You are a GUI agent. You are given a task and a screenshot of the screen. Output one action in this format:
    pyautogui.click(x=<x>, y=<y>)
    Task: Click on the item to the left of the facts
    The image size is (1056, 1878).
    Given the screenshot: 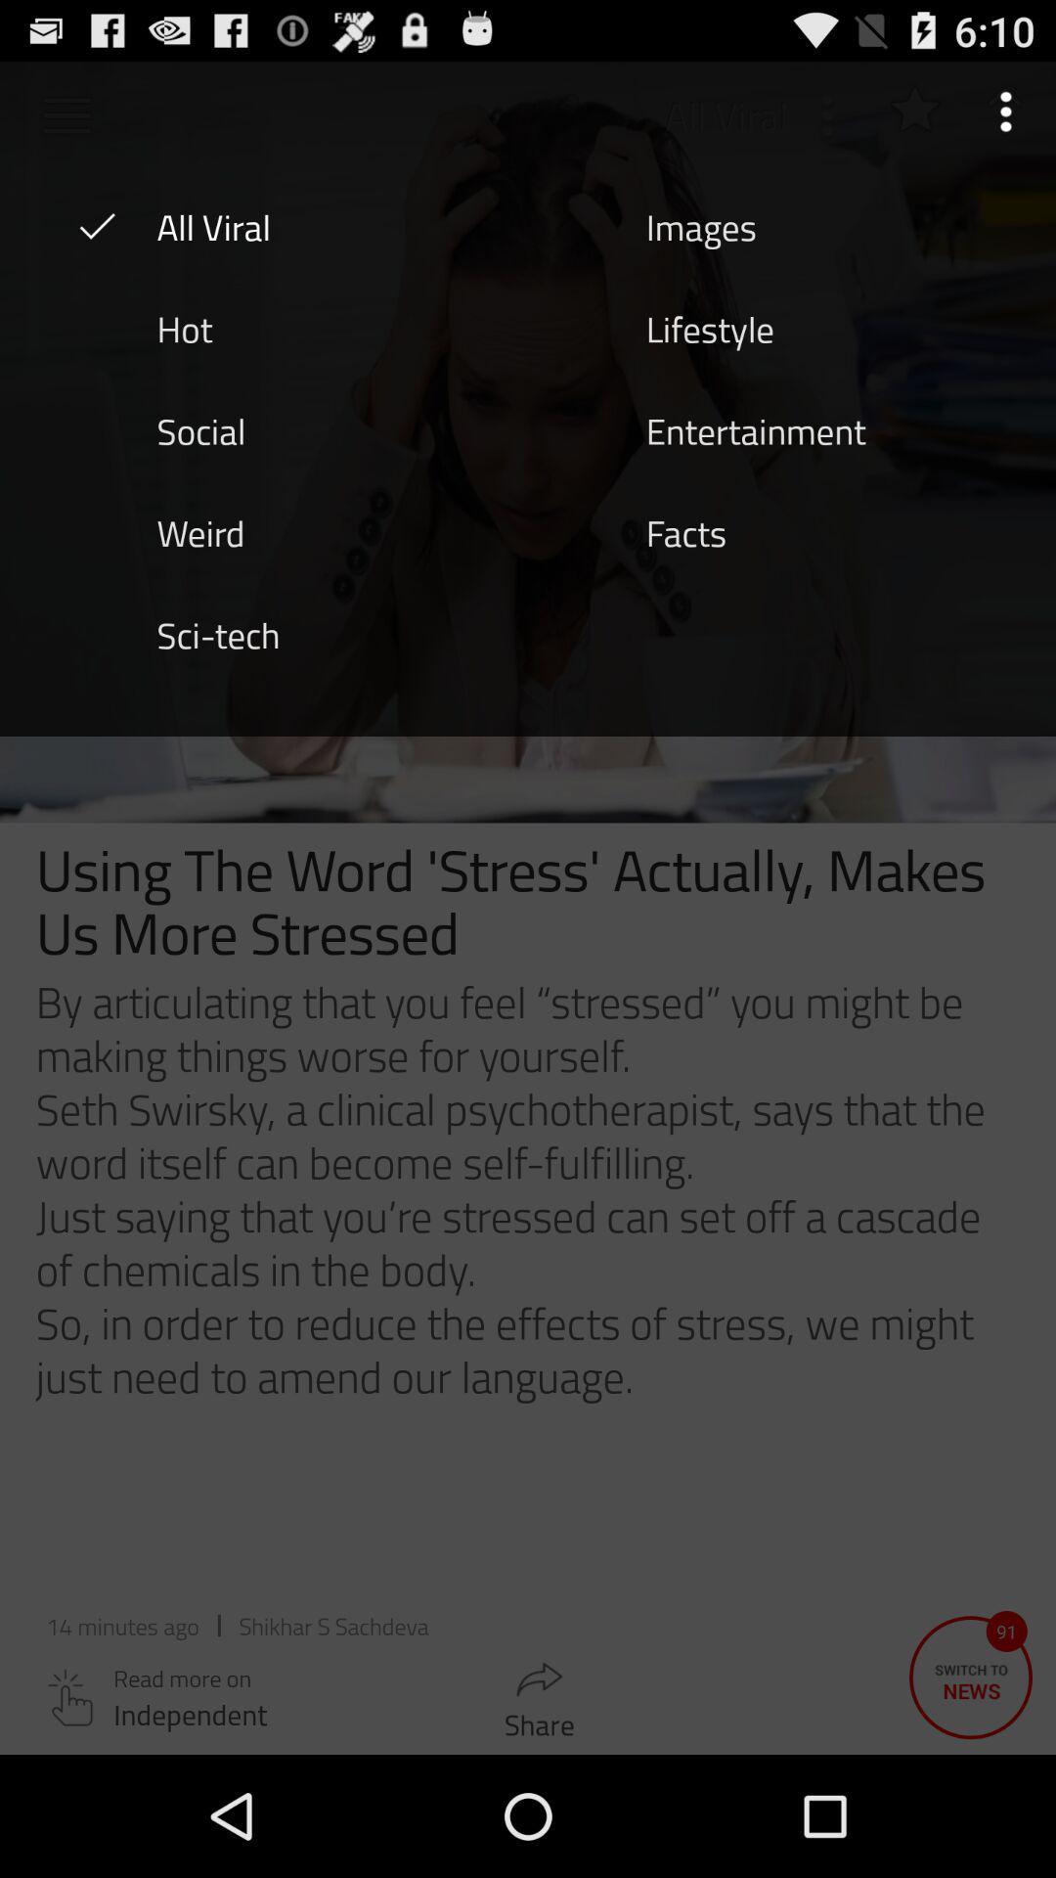 What is the action you would take?
    pyautogui.click(x=200, y=531)
    